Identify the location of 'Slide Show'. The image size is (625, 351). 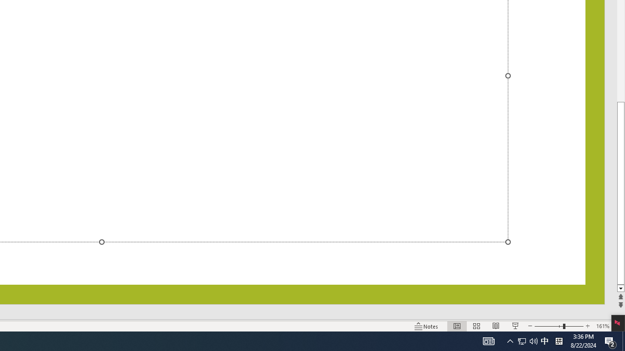
(515, 326).